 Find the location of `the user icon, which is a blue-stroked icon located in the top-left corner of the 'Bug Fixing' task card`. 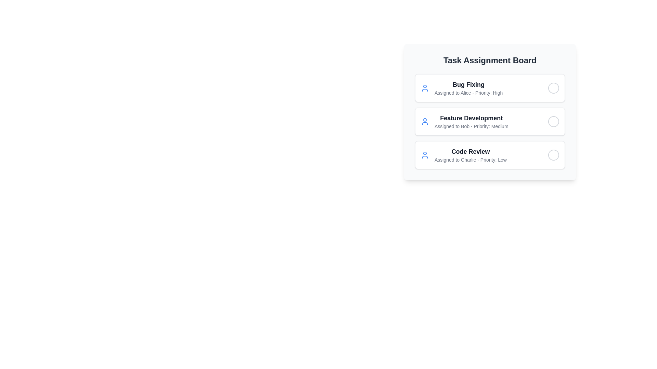

the user icon, which is a blue-stroked icon located in the top-left corner of the 'Bug Fixing' task card is located at coordinates (425, 88).